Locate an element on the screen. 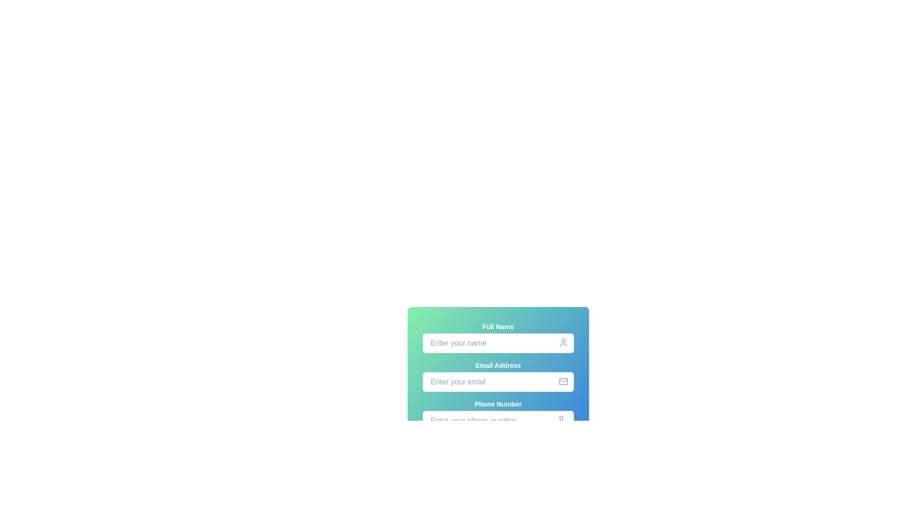 The height and width of the screenshot is (510, 907). the 'Full Name' input field to focus on it, which is visually represented by a label, a text entry box, and a user profile icon is located at coordinates (497, 337).